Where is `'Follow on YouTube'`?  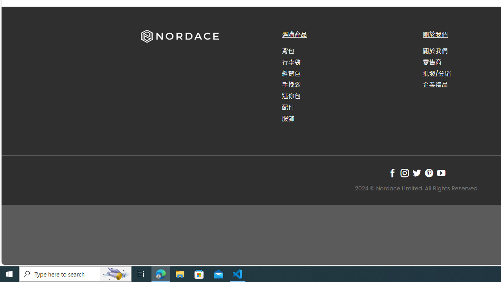 'Follow on YouTube' is located at coordinates (441, 172).